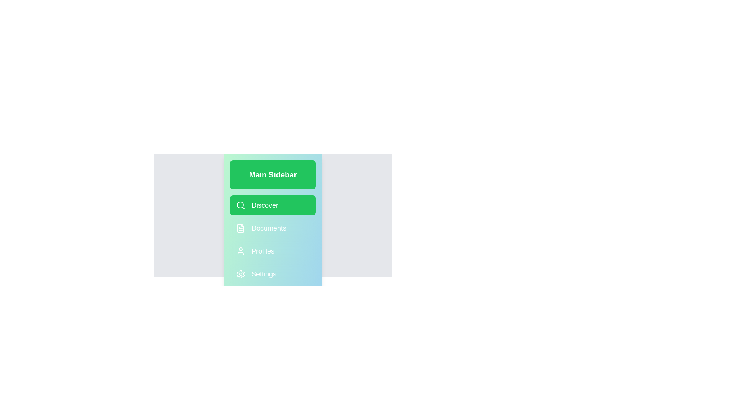 Image resolution: width=735 pixels, height=413 pixels. I want to click on the 'Profiles' navigation button which is the third item in the vertical menu hierarchy, located beneath 'Documents' and above 'Settings', so click(273, 251).